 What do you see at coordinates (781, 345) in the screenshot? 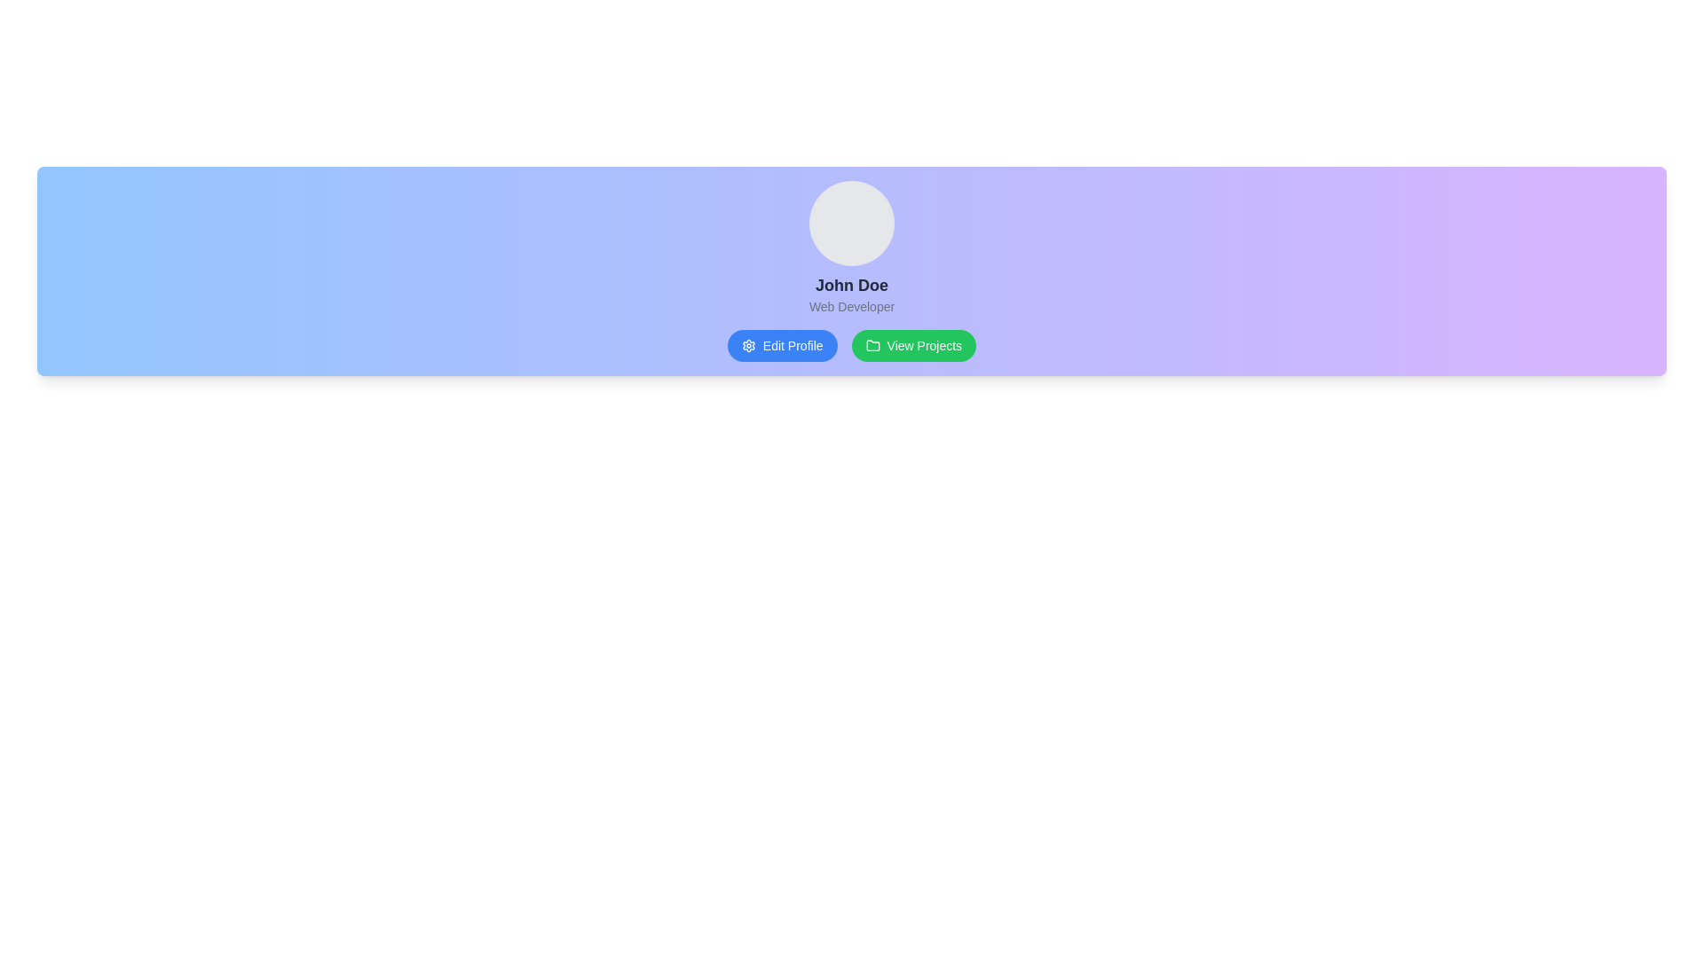
I see `the 'Edit Profile' button, which is the first button in a horizontal group located below the profile image and name, to observe any hover effect` at bounding box center [781, 345].